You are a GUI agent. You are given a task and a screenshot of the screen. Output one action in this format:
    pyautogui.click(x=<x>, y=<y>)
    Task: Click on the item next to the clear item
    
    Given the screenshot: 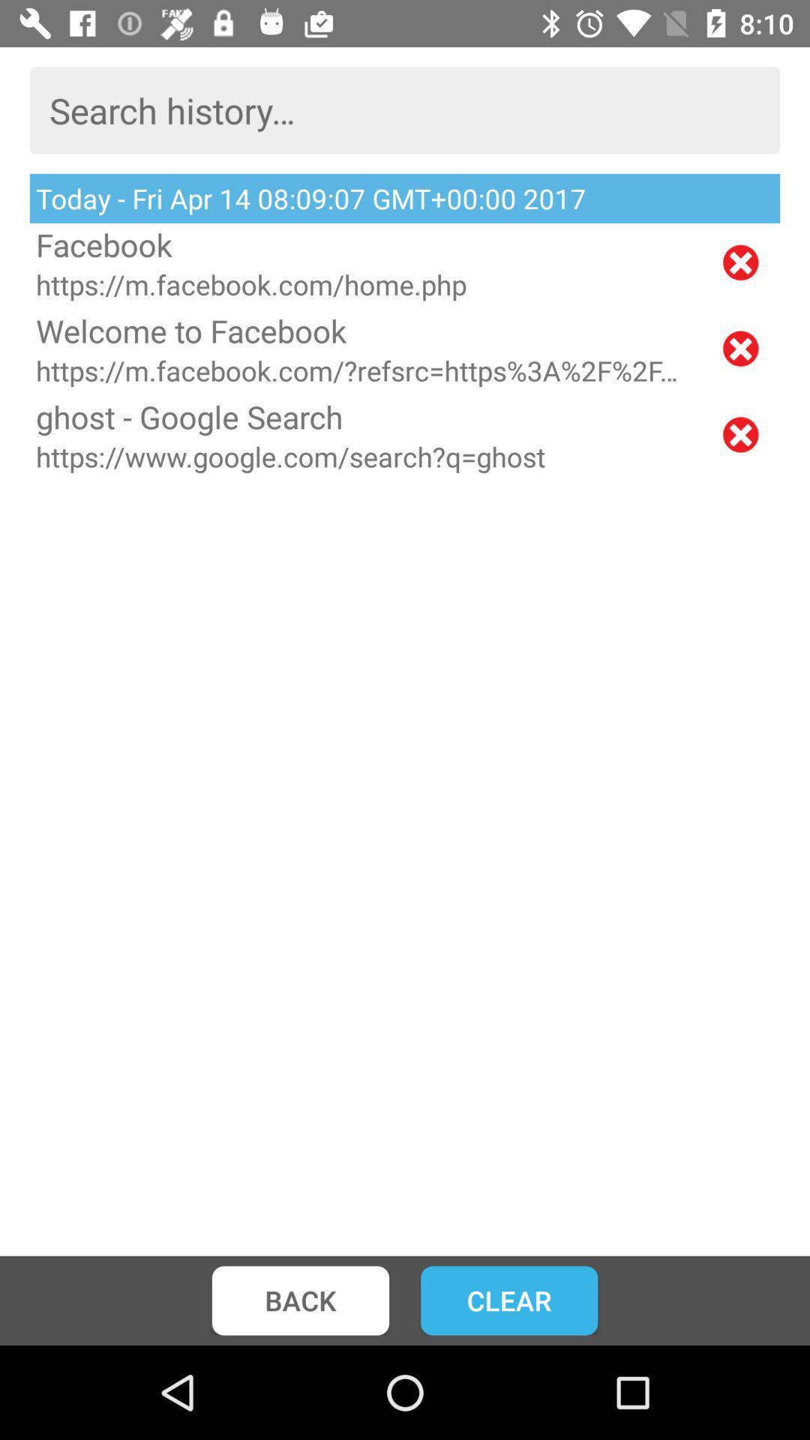 What is the action you would take?
    pyautogui.click(x=300, y=1300)
    